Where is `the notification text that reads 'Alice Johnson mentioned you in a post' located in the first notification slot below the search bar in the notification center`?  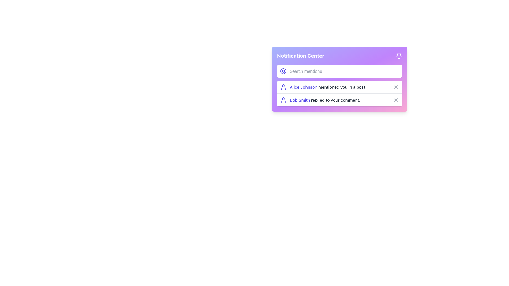 the notification text that reads 'Alice Johnson mentioned you in a post' located in the first notification slot below the search bar in the notification center is located at coordinates (303, 87).